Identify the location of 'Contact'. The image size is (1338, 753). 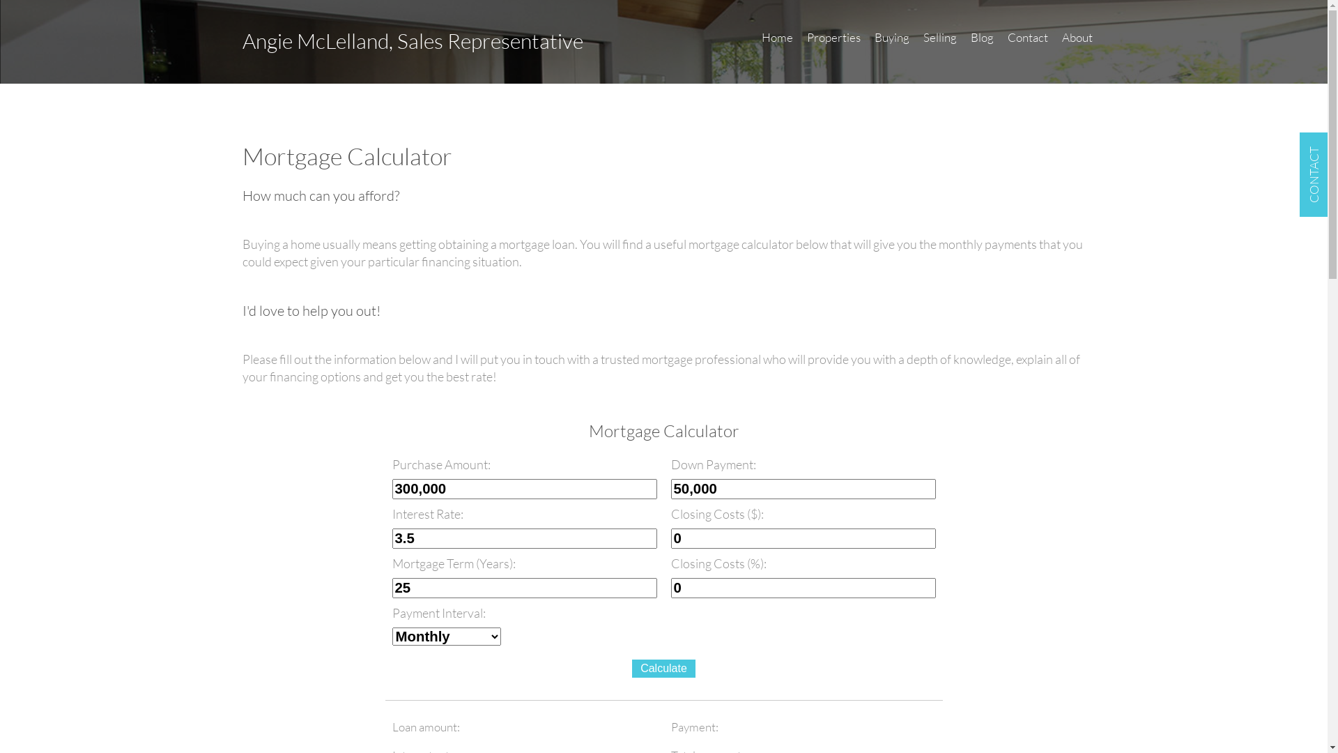
(1027, 42).